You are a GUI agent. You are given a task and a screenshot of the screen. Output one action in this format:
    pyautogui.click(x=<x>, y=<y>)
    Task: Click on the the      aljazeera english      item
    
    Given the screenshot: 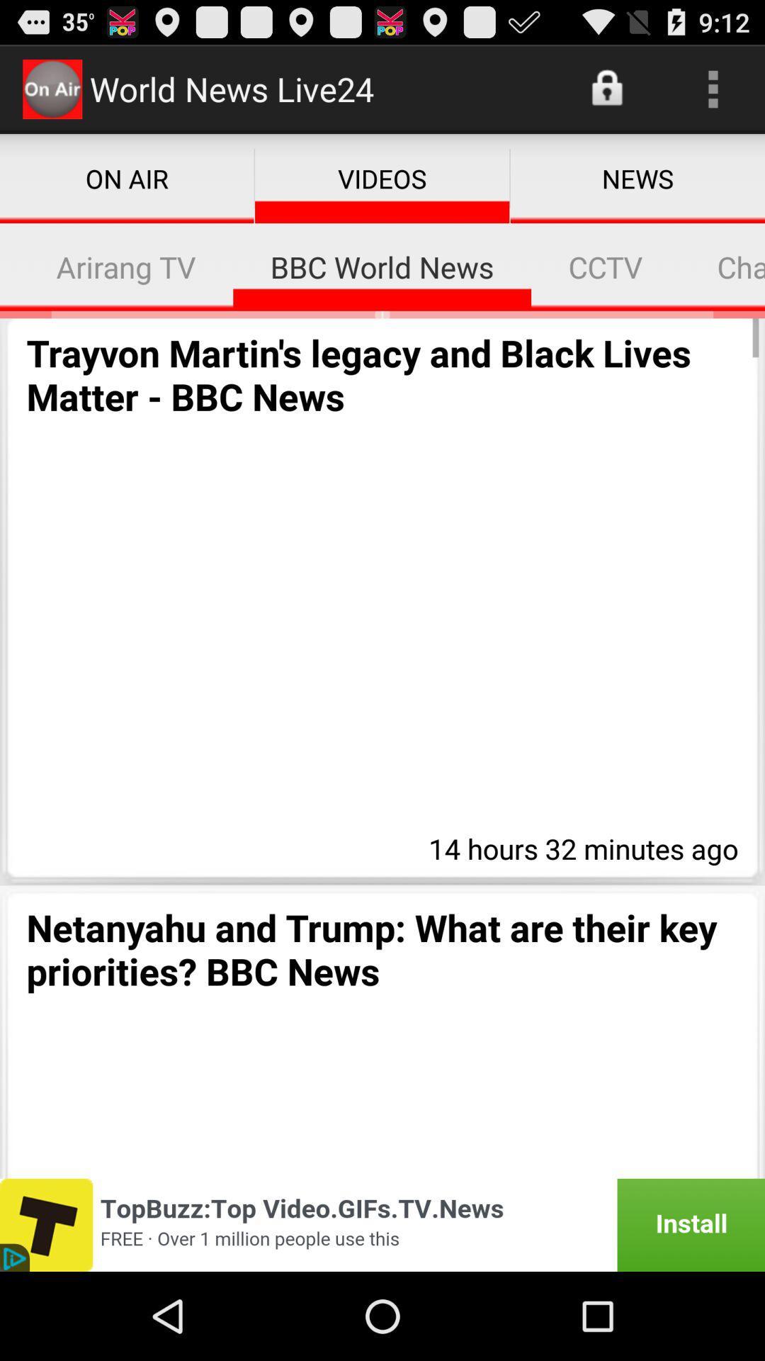 What is the action you would take?
    pyautogui.click(x=9, y=267)
    